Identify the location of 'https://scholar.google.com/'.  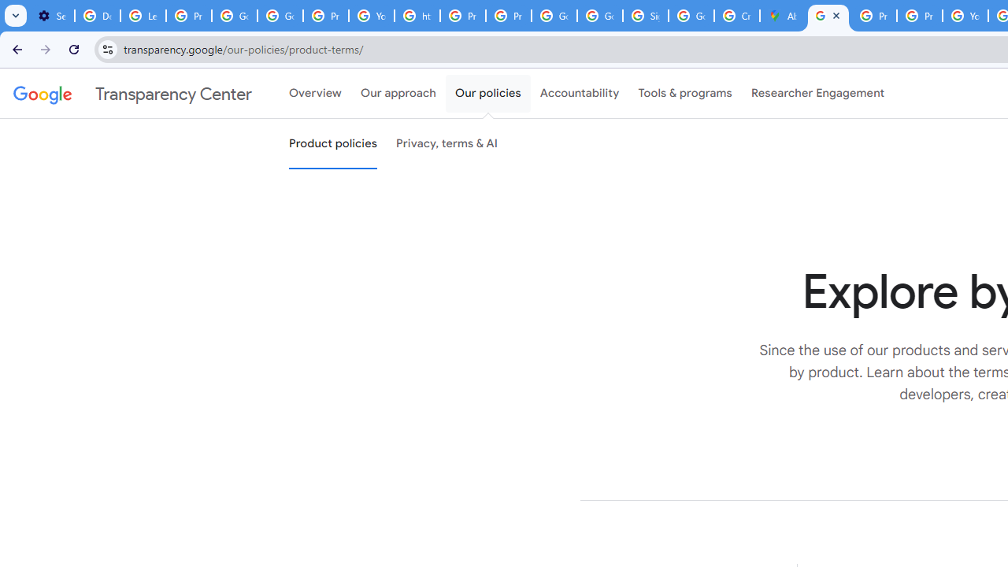
(417, 16).